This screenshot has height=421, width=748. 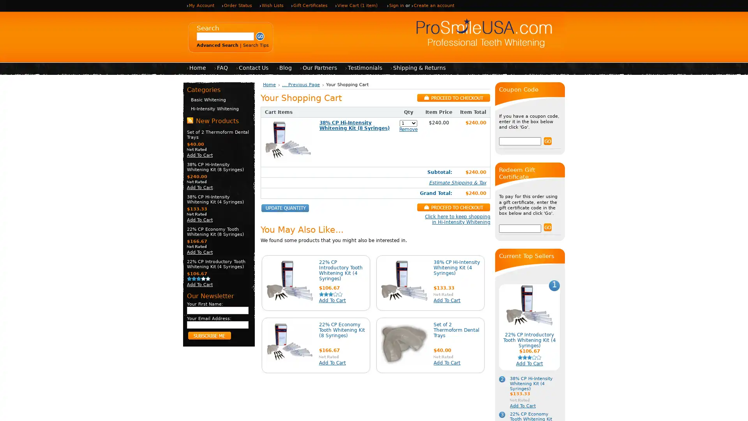 I want to click on Update, so click(x=284, y=208).